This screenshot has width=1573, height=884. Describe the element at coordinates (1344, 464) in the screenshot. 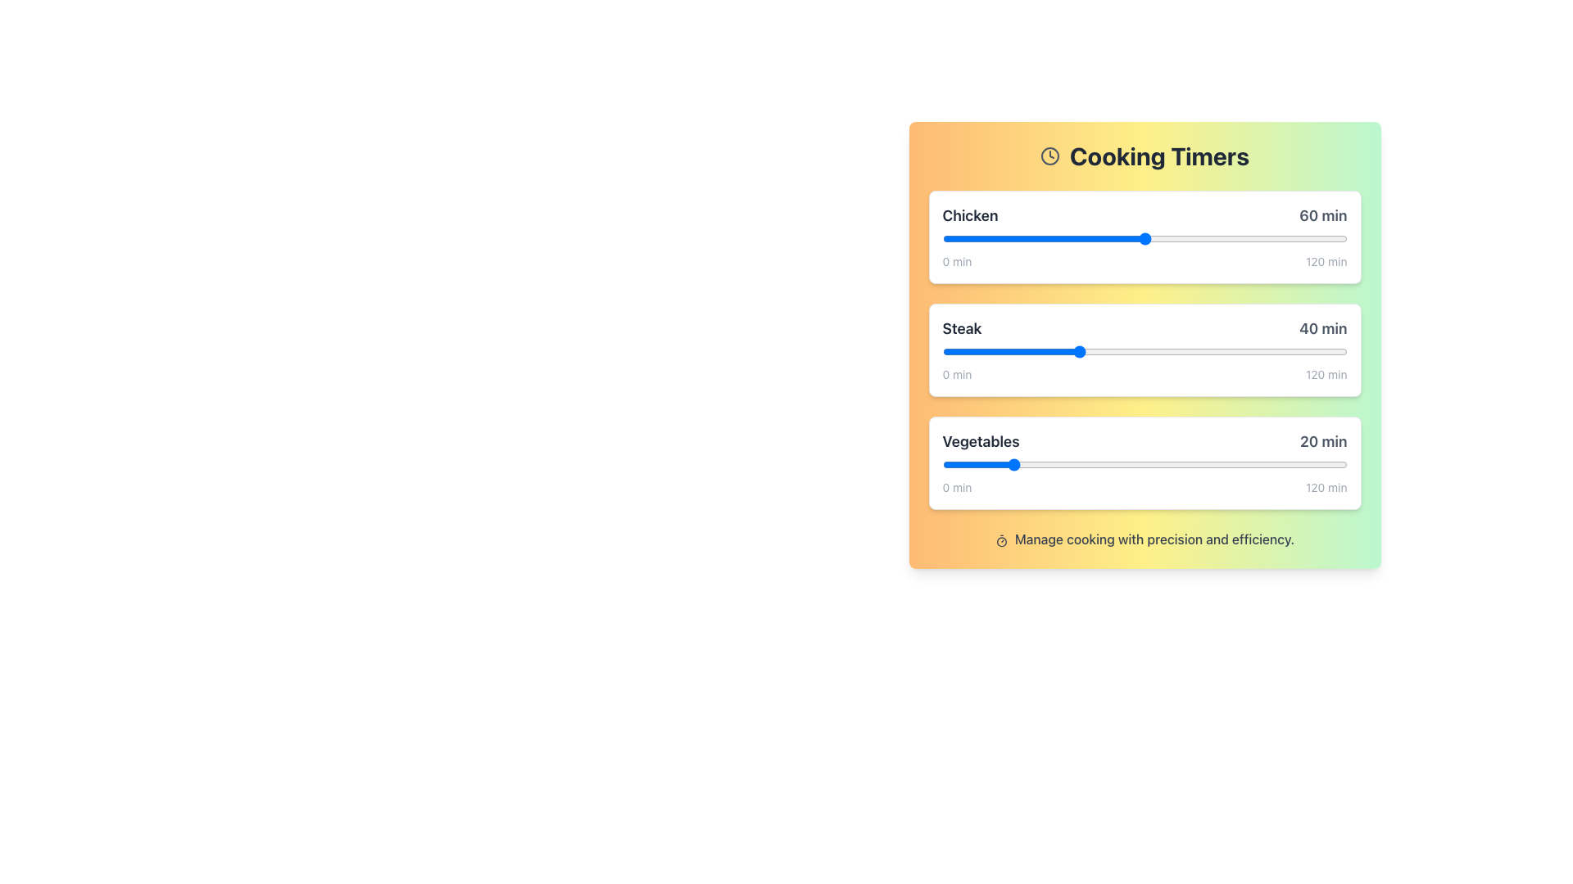

I see `the timer for vegetables` at that location.